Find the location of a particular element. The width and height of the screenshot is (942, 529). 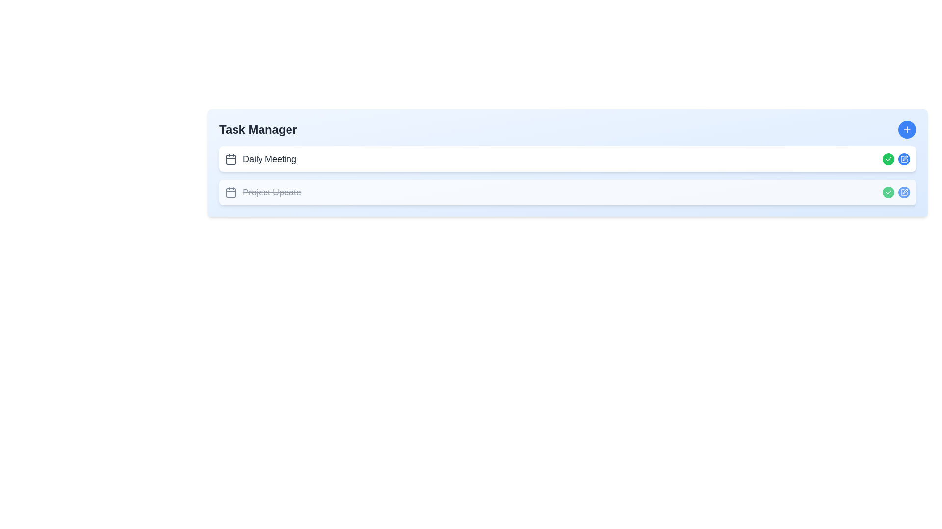

the circular blue button with a white pen icon located to the far right of the 'Project Update' task row is located at coordinates (904, 192).